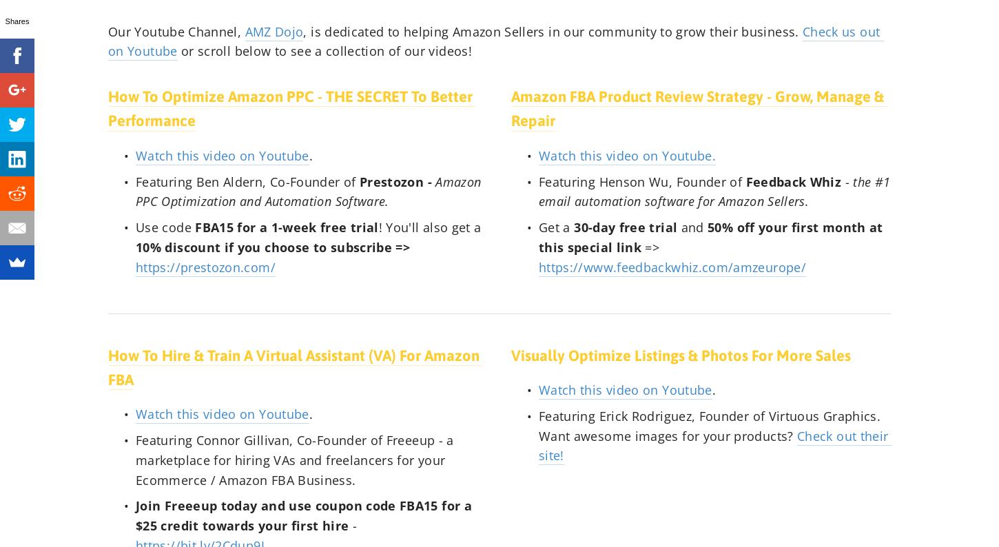  What do you see at coordinates (680, 353) in the screenshot?
I see `'Visually Optimize Listings & Photos For More Sales'` at bounding box center [680, 353].